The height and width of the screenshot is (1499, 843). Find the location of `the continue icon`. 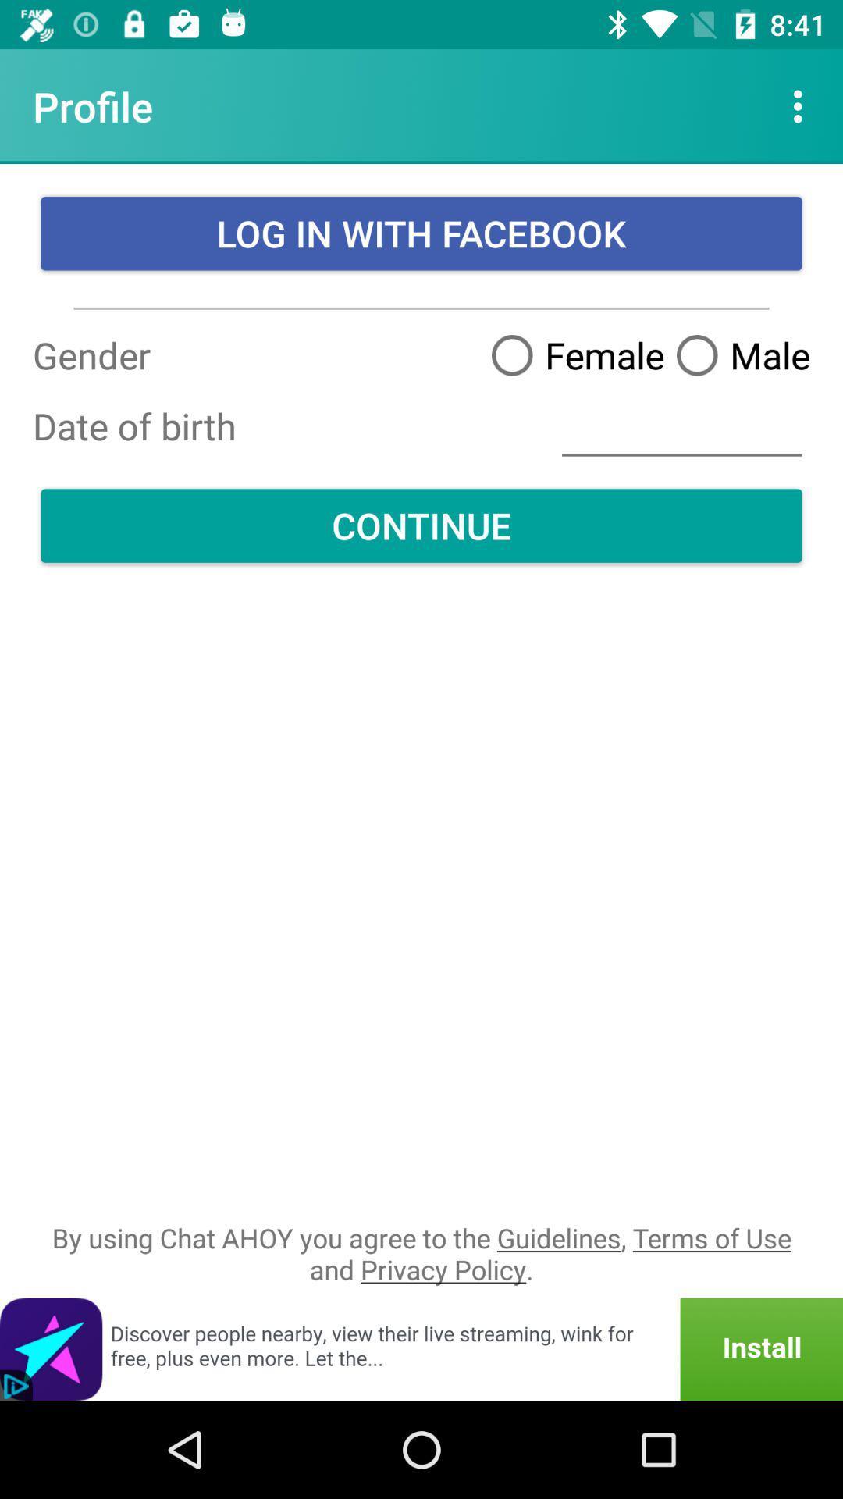

the continue icon is located at coordinates (421, 525).